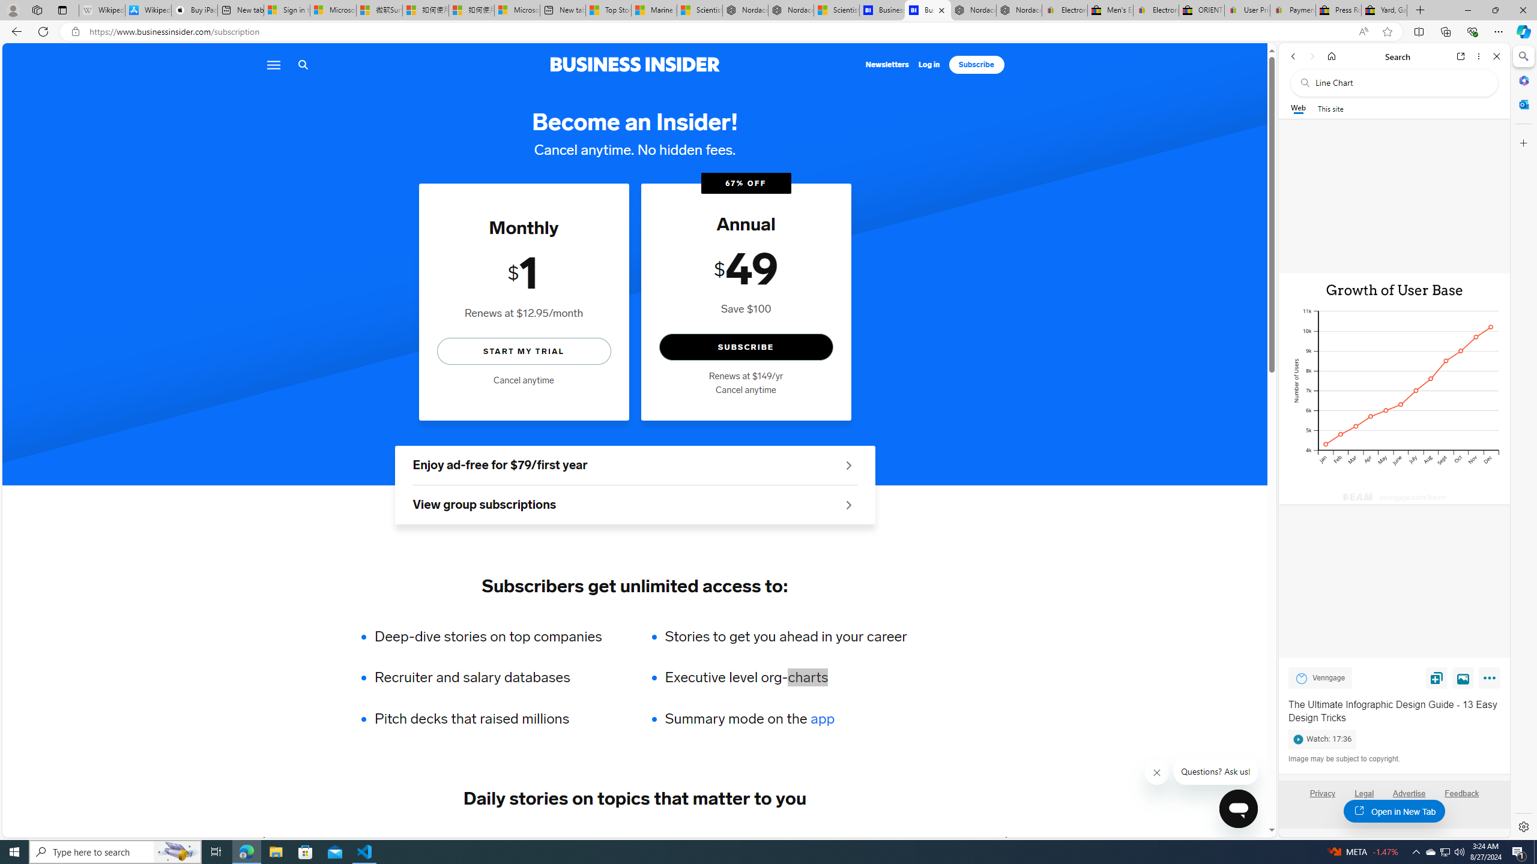 The width and height of the screenshot is (1537, 864). What do you see at coordinates (303, 64) in the screenshot?
I see `'Go to the search page.'` at bounding box center [303, 64].